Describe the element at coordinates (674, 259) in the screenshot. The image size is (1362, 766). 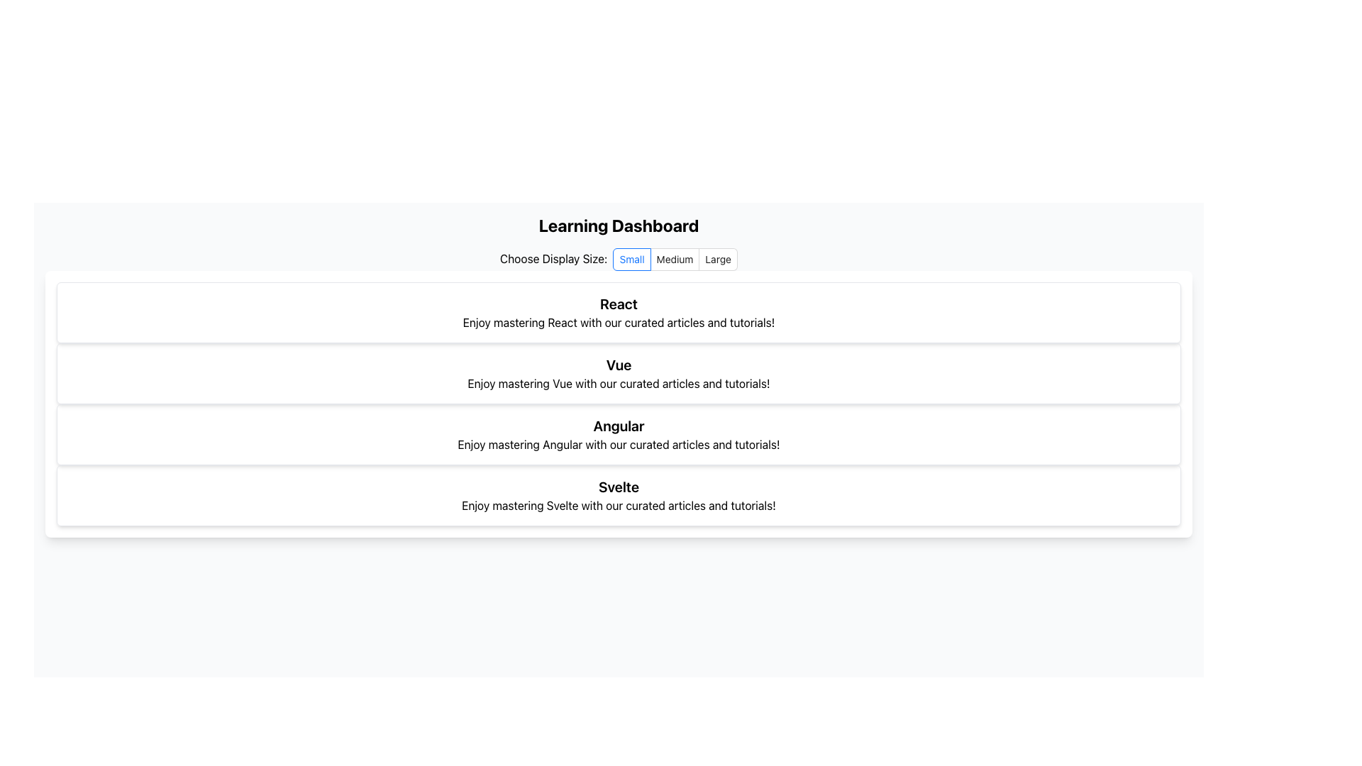
I see `the 'Medium' radio button label, which is part of the 'Choose Display Size' option group` at that location.